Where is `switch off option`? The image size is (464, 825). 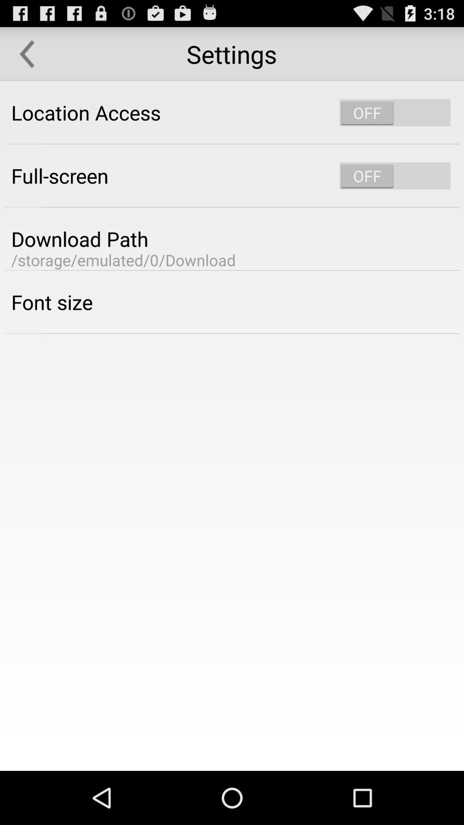 switch off option is located at coordinates (395, 175).